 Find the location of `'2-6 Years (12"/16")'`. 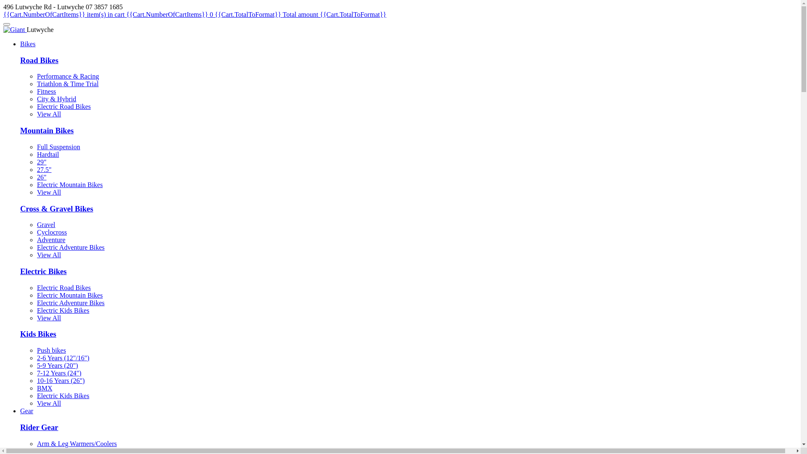

'2-6 Years (12"/16")' is located at coordinates (63, 358).